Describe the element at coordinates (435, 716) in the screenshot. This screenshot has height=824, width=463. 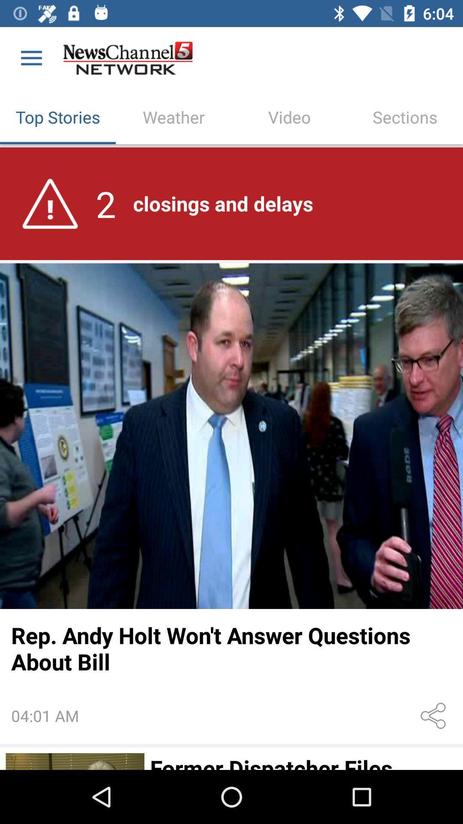
I see `item at the bottom right corner` at that location.